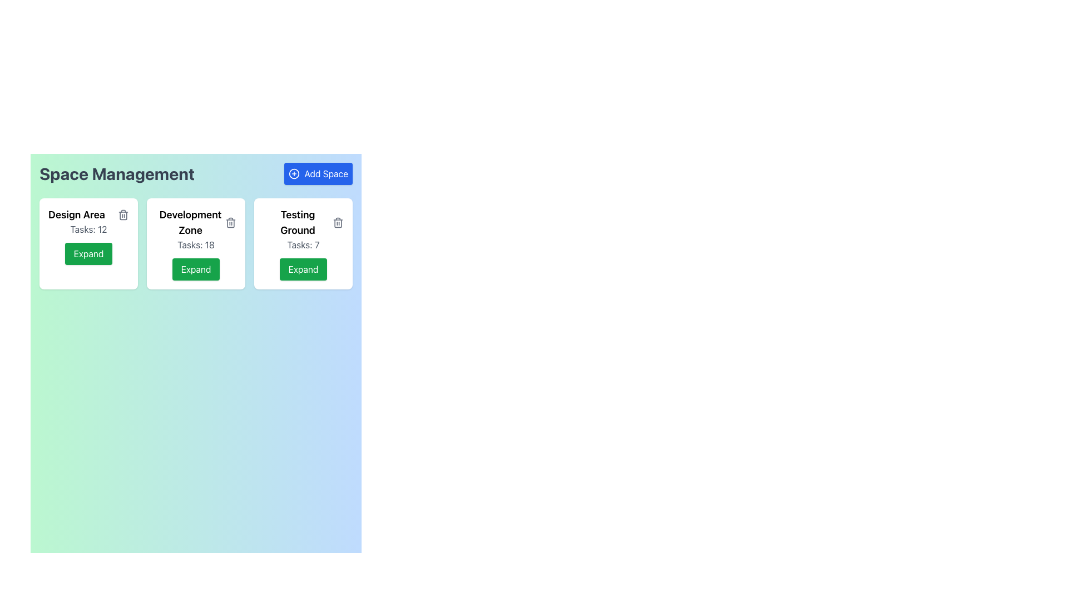 The width and height of the screenshot is (1068, 600). I want to click on the text label displaying 'Tasks: 12', which is styled in gray and located below the 'Design Area' heading in the card-like structure, so click(88, 228).